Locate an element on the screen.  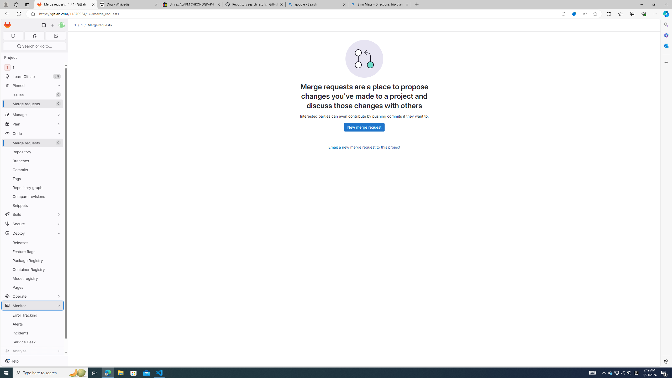
'Model registry' is located at coordinates (32, 278).